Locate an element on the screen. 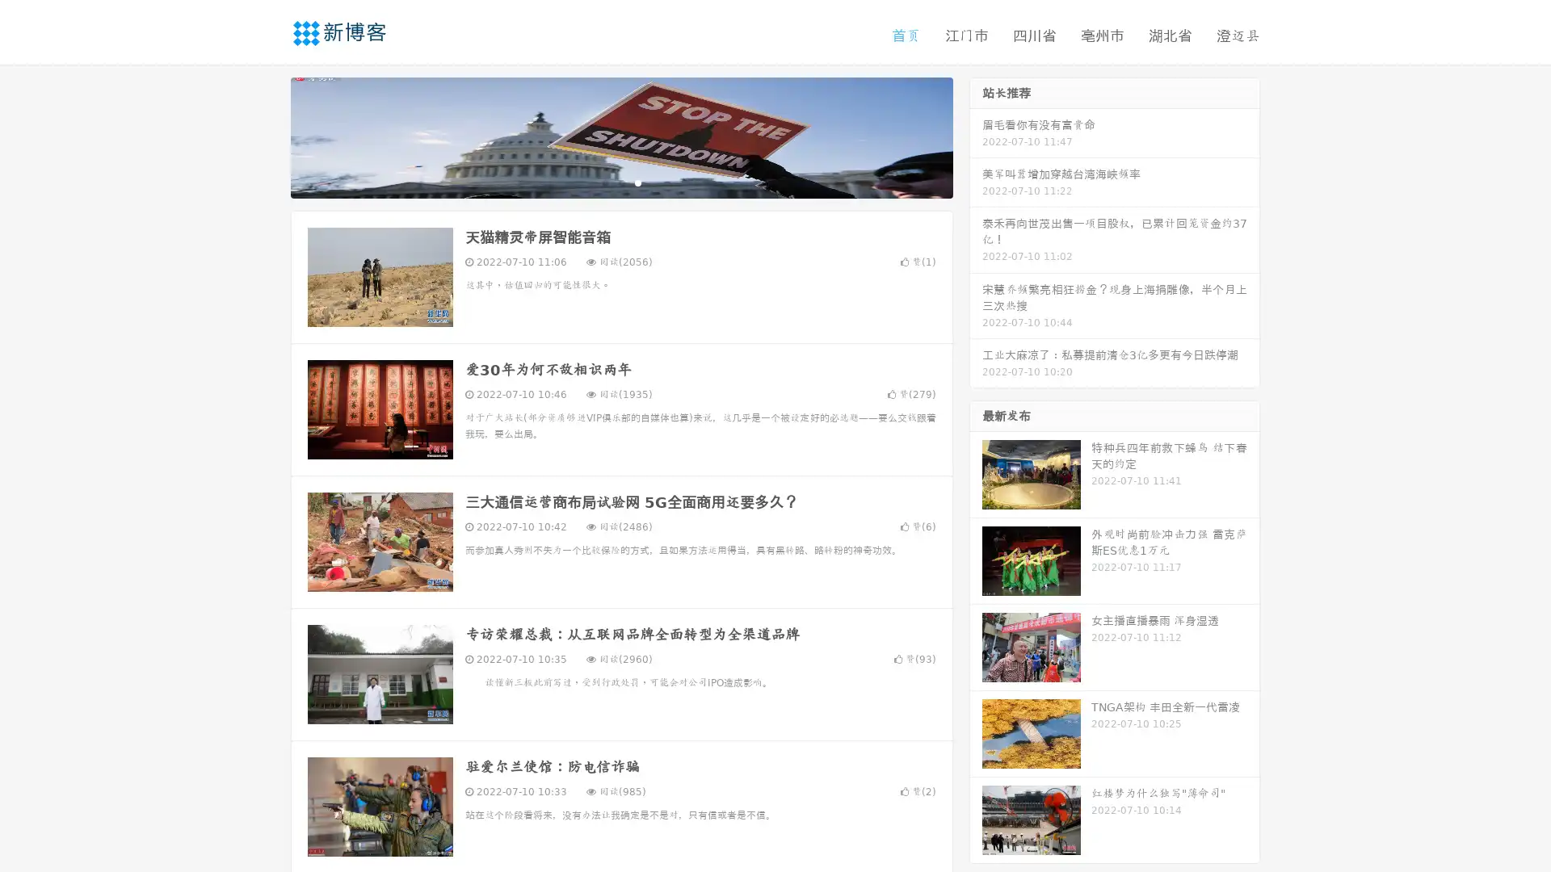 The image size is (1551, 872). Go to slide 2 is located at coordinates (620, 182).